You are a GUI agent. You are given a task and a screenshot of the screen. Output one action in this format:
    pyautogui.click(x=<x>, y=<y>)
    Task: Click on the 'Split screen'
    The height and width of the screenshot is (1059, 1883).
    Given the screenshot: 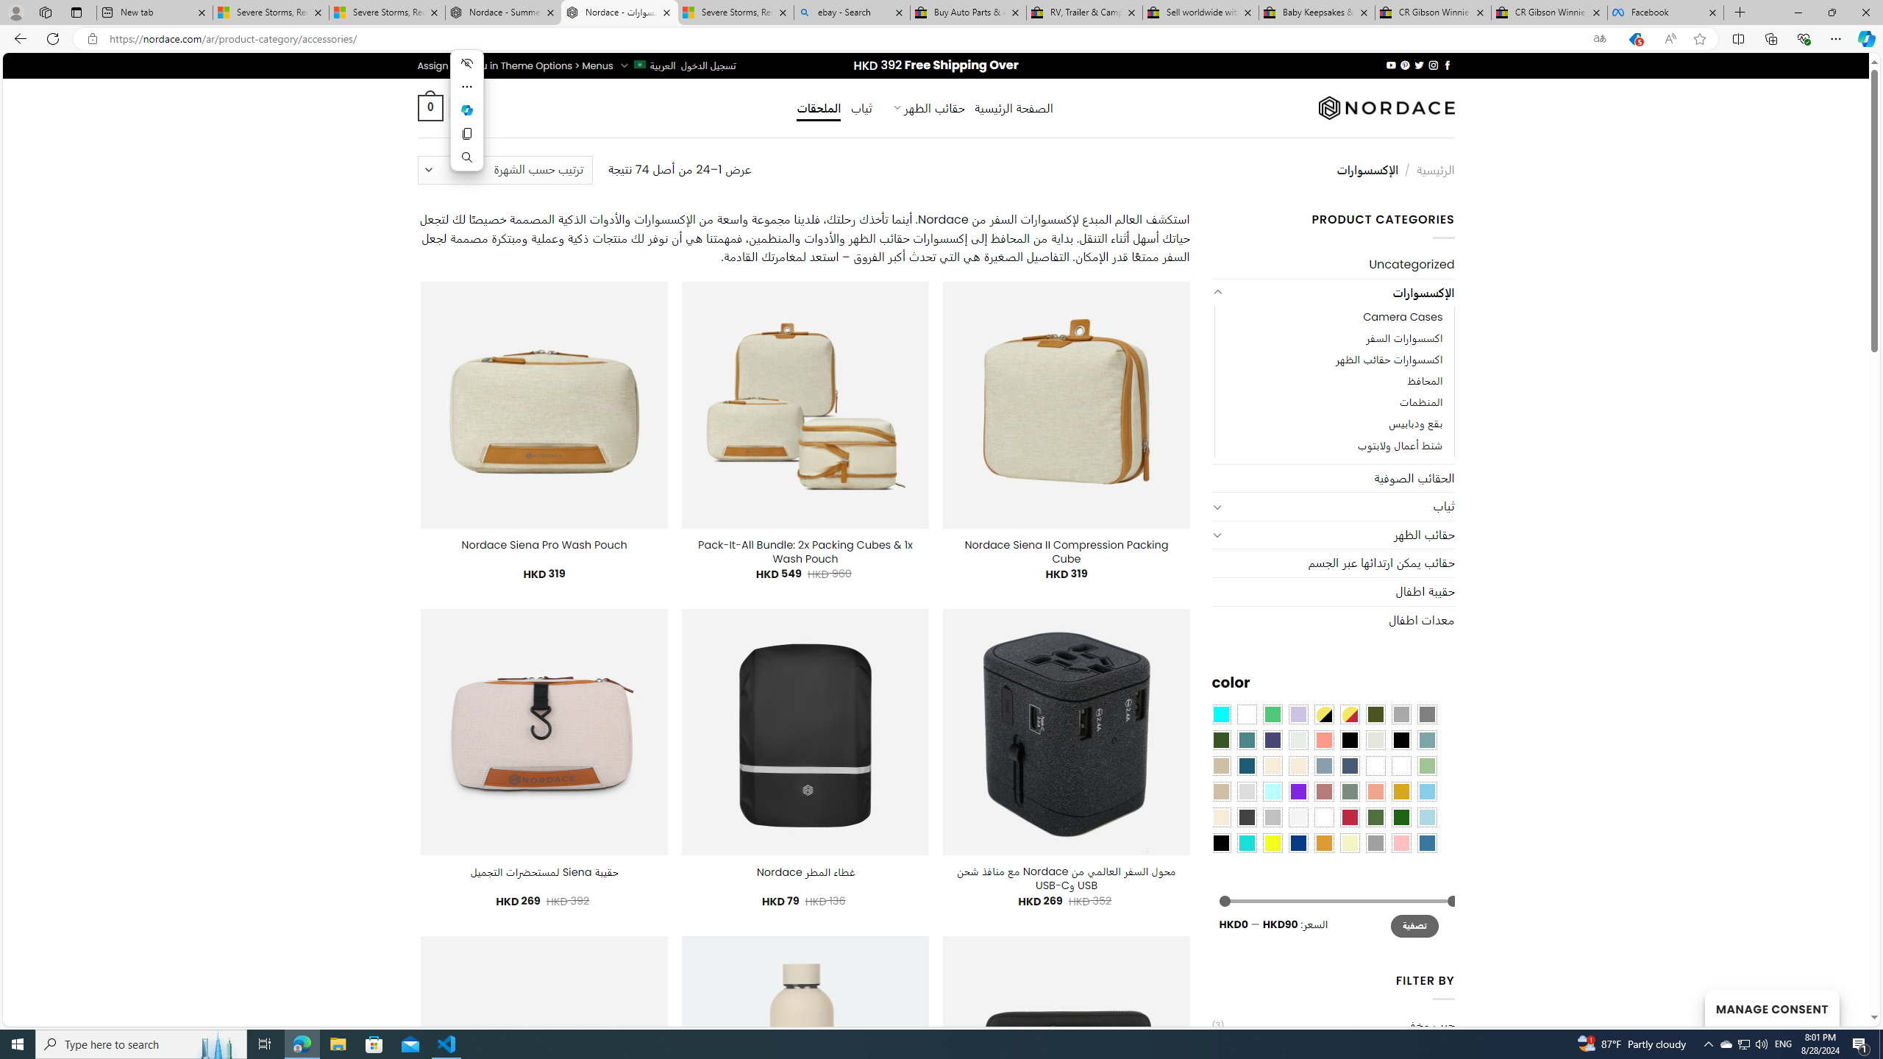 What is the action you would take?
    pyautogui.click(x=1739, y=38)
    